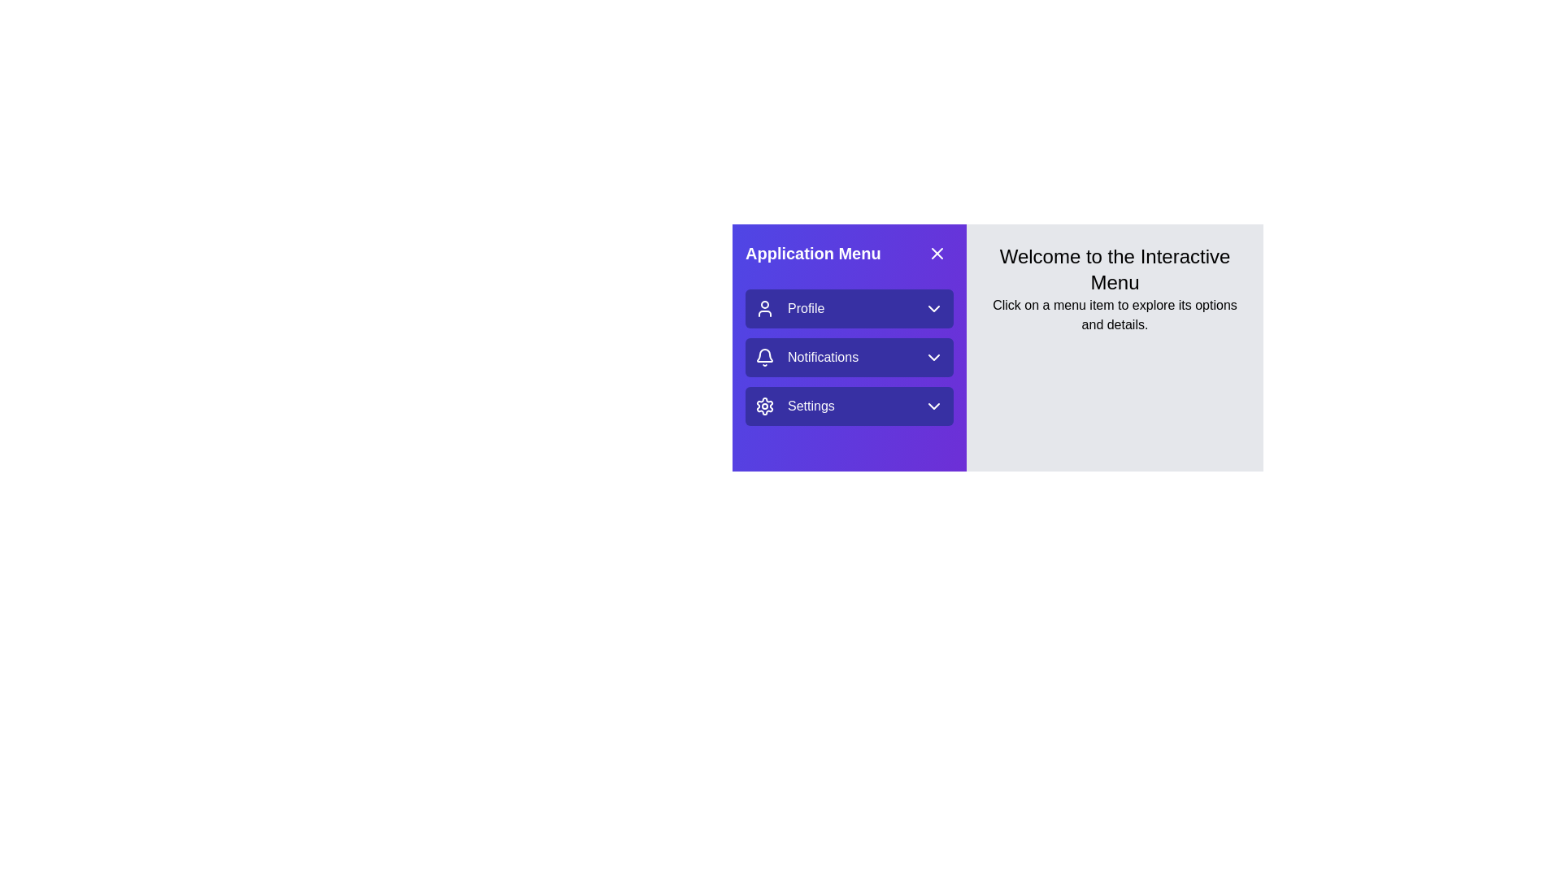 The width and height of the screenshot is (1561, 878). I want to click on the bell icon representing notifications within the Application Menu, which is the second icon in the vertical menu, so click(763, 354).